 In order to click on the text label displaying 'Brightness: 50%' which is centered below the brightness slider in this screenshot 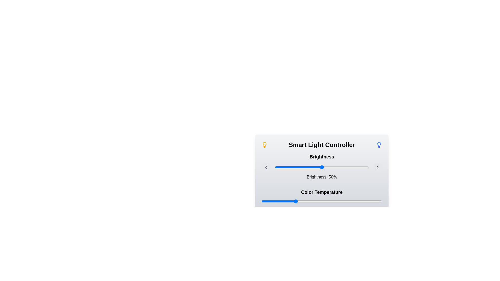, I will do `click(322, 177)`.